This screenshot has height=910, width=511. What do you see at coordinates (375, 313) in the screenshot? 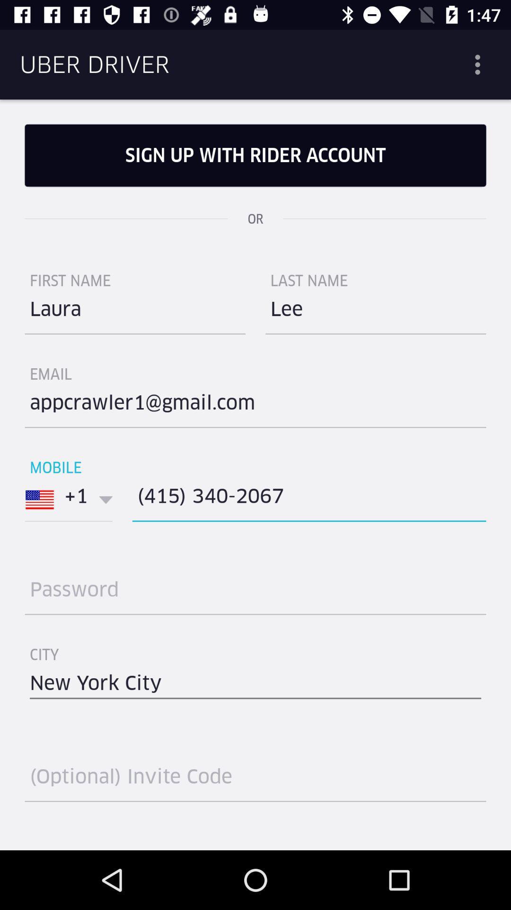
I see `lee` at bounding box center [375, 313].